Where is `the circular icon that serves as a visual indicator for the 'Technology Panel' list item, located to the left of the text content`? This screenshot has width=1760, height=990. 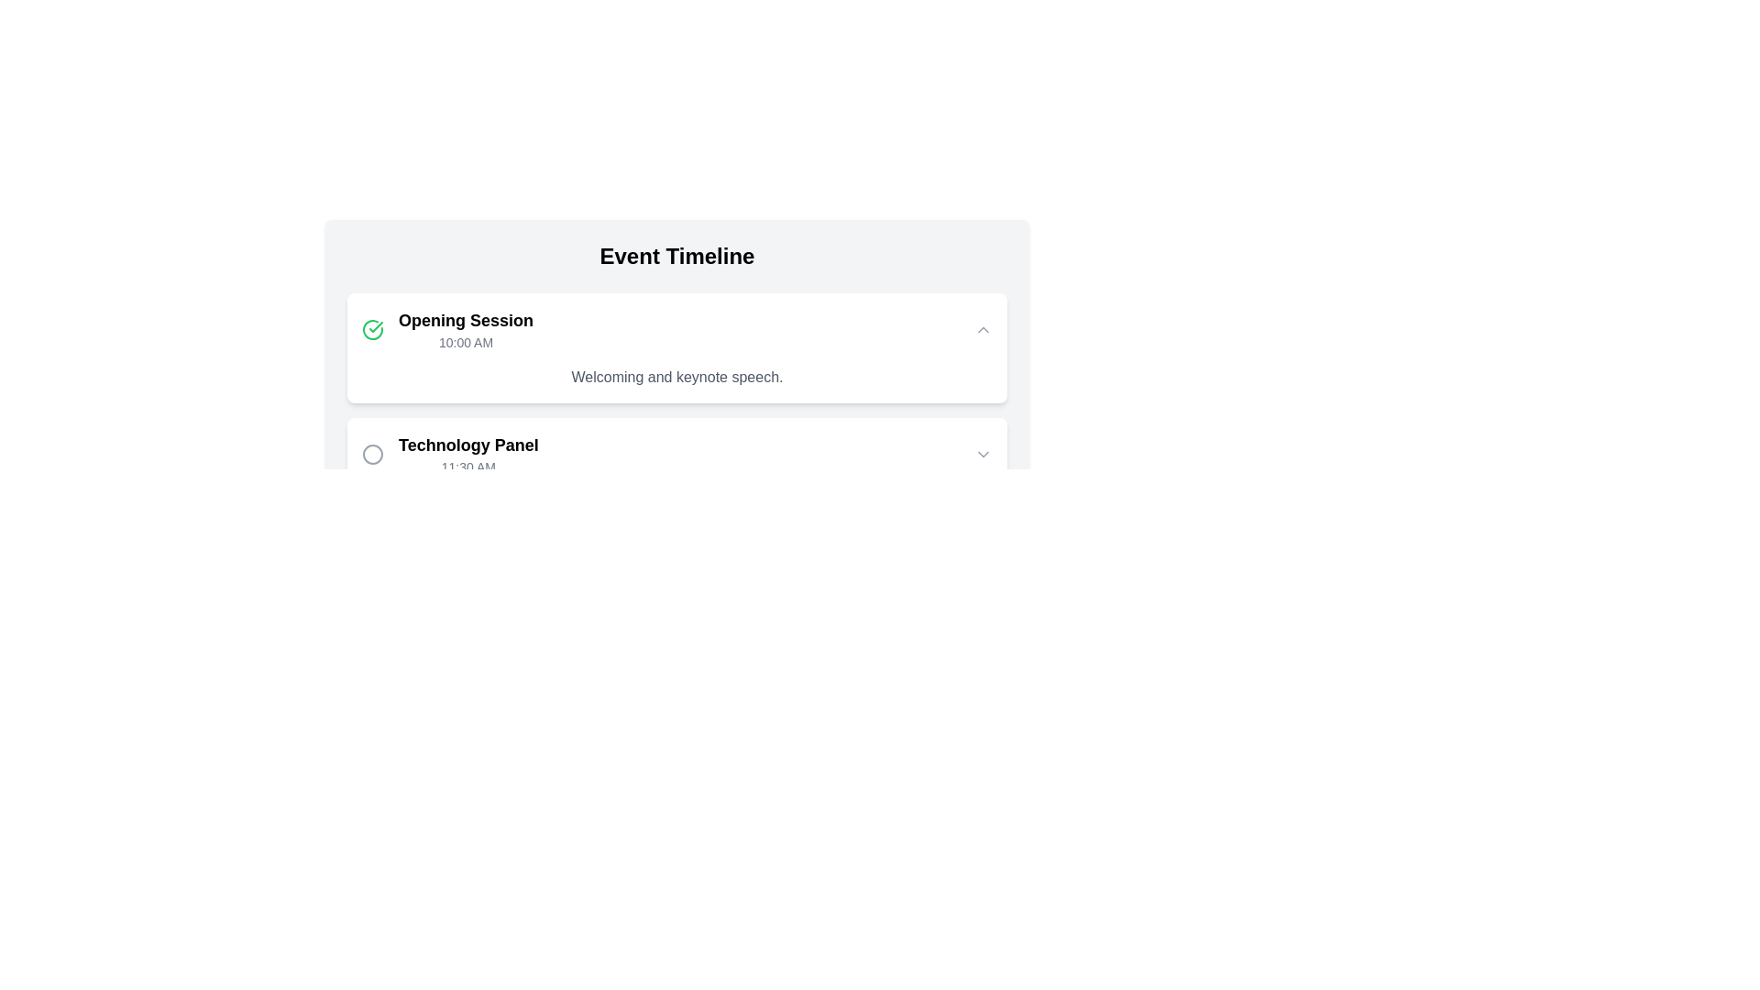 the circular icon that serves as a visual indicator for the 'Technology Panel' list item, located to the left of the text content is located at coordinates (372, 454).